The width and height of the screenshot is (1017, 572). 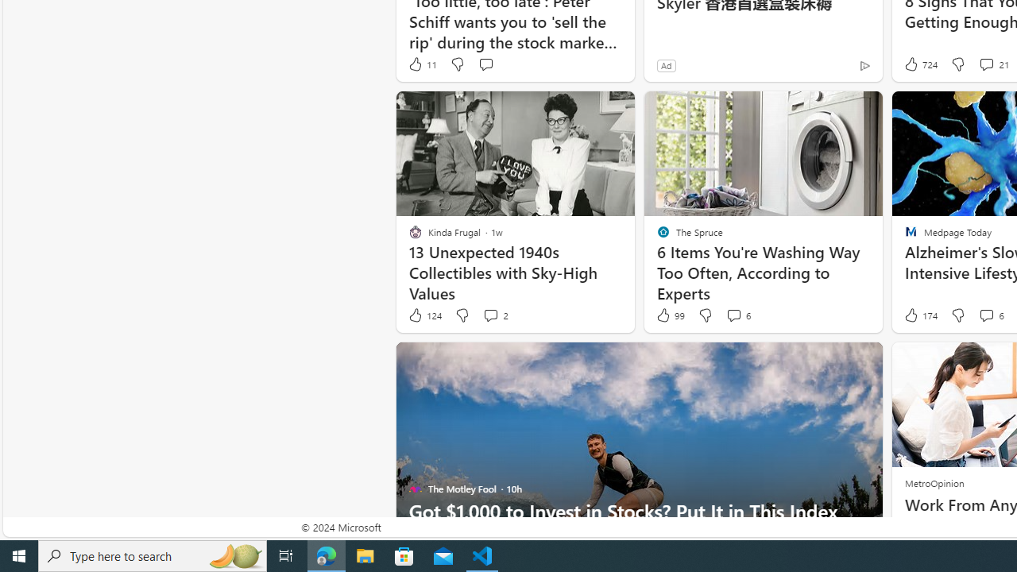 I want to click on 'MetroOpinion', so click(x=934, y=482).